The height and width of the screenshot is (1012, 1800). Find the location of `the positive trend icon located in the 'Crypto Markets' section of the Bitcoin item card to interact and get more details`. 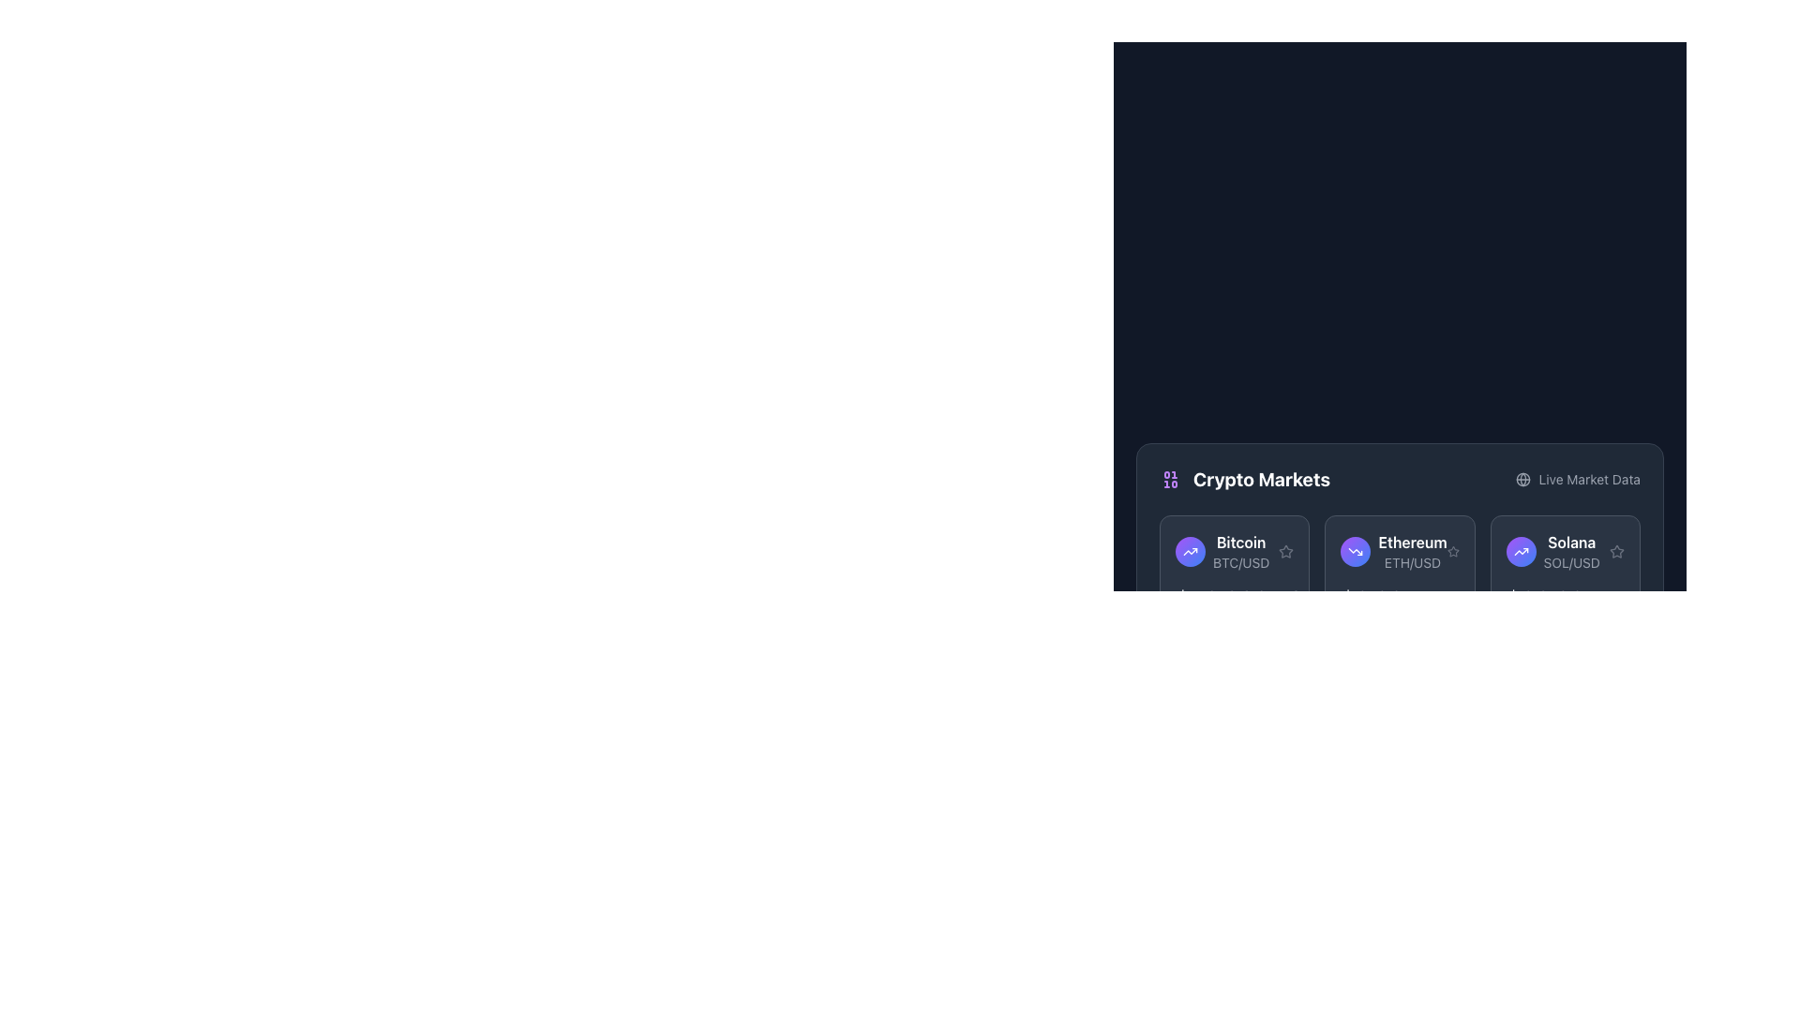

the positive trend icon located in the 'Crypto Markets' section of the Bitcoin item card to interact and get more details is located at coordinates (1521, 551).